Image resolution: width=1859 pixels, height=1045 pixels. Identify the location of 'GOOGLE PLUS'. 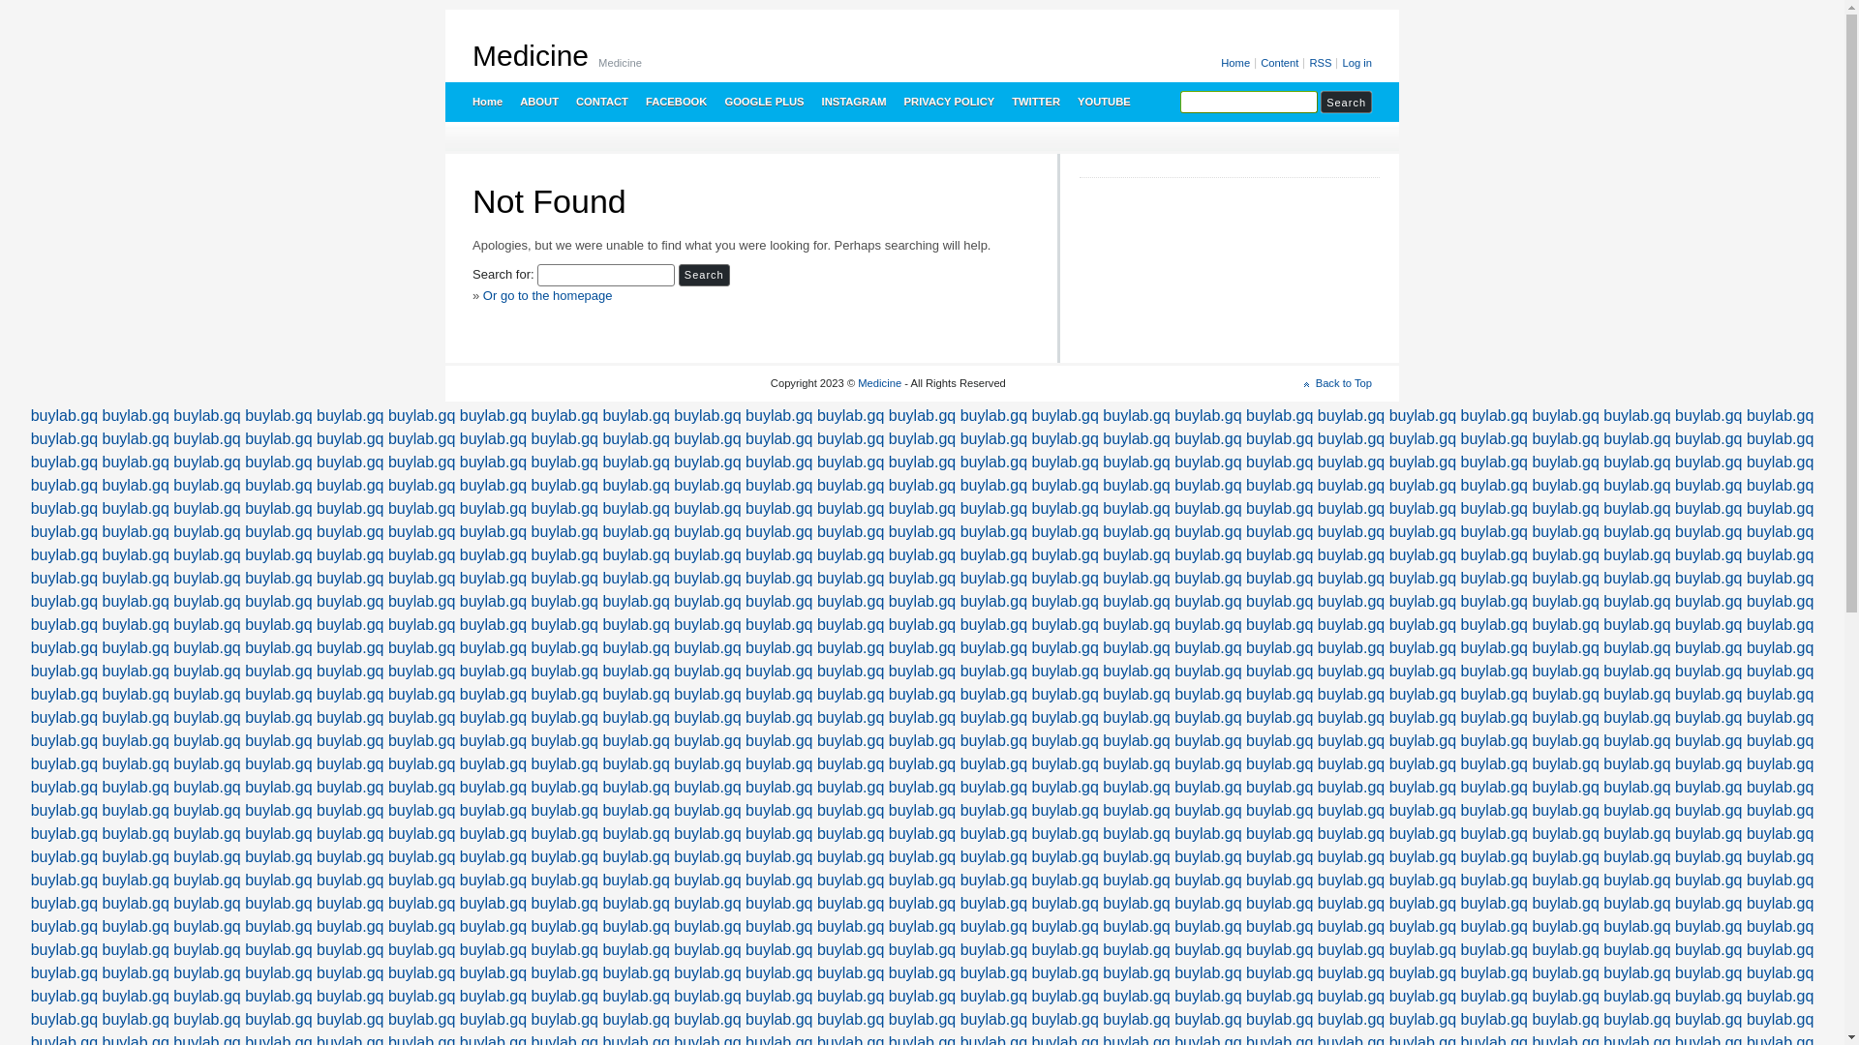
(761, 101).